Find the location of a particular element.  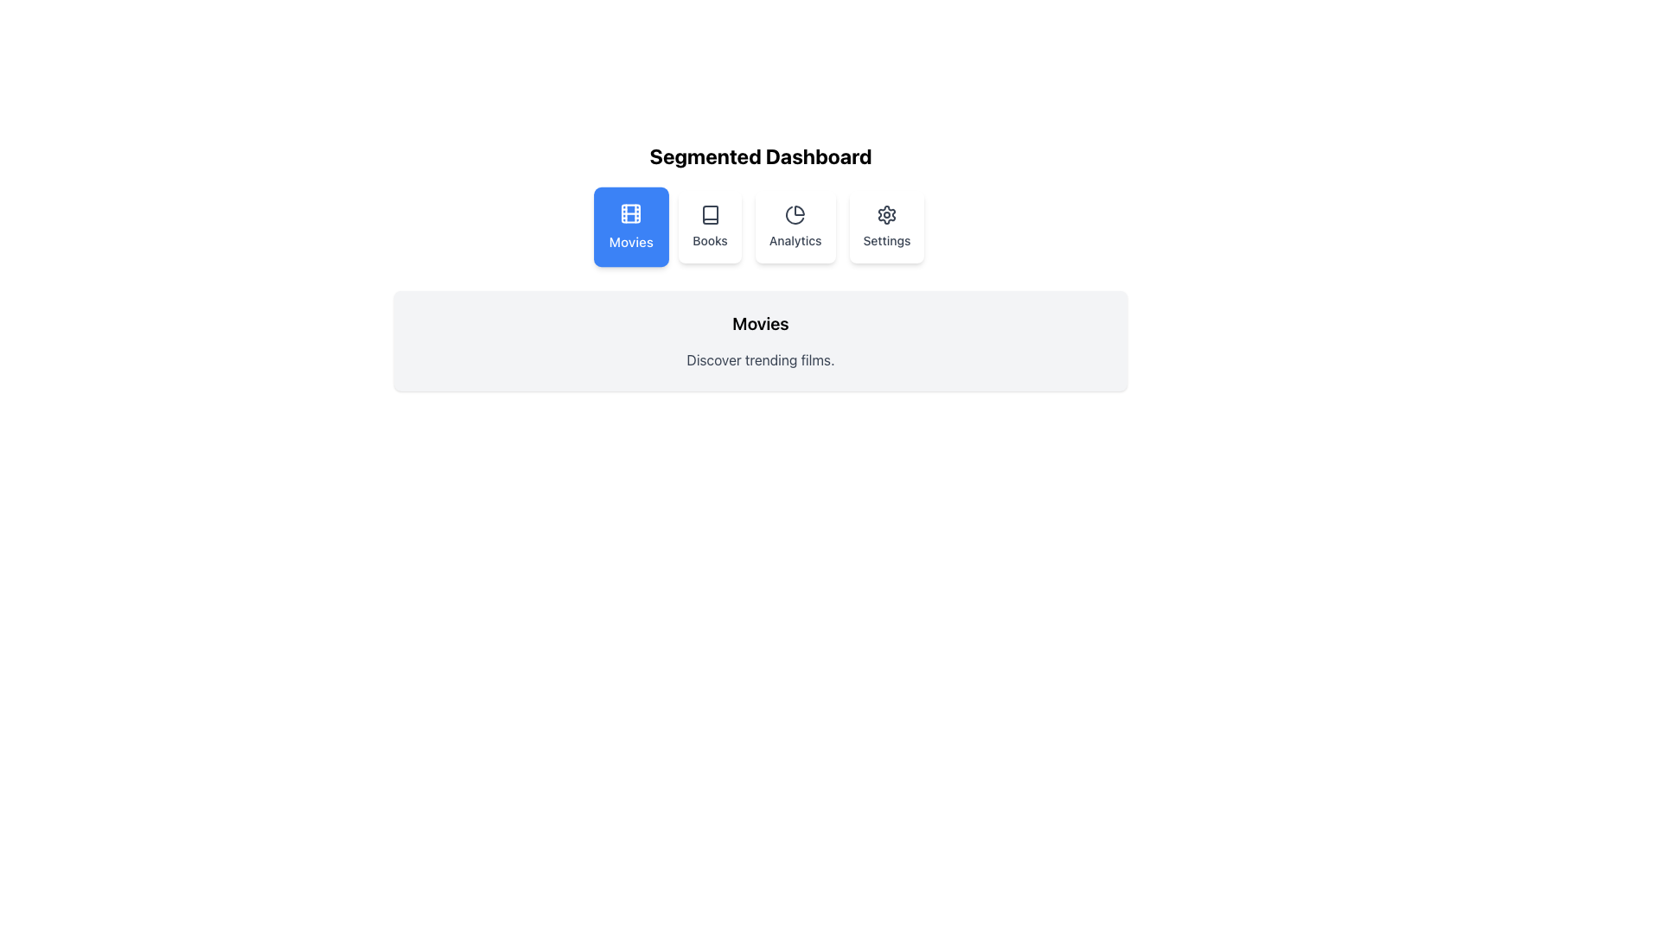

the 'Books' button in the segmented dashboard is located at coordinates (710, 214).